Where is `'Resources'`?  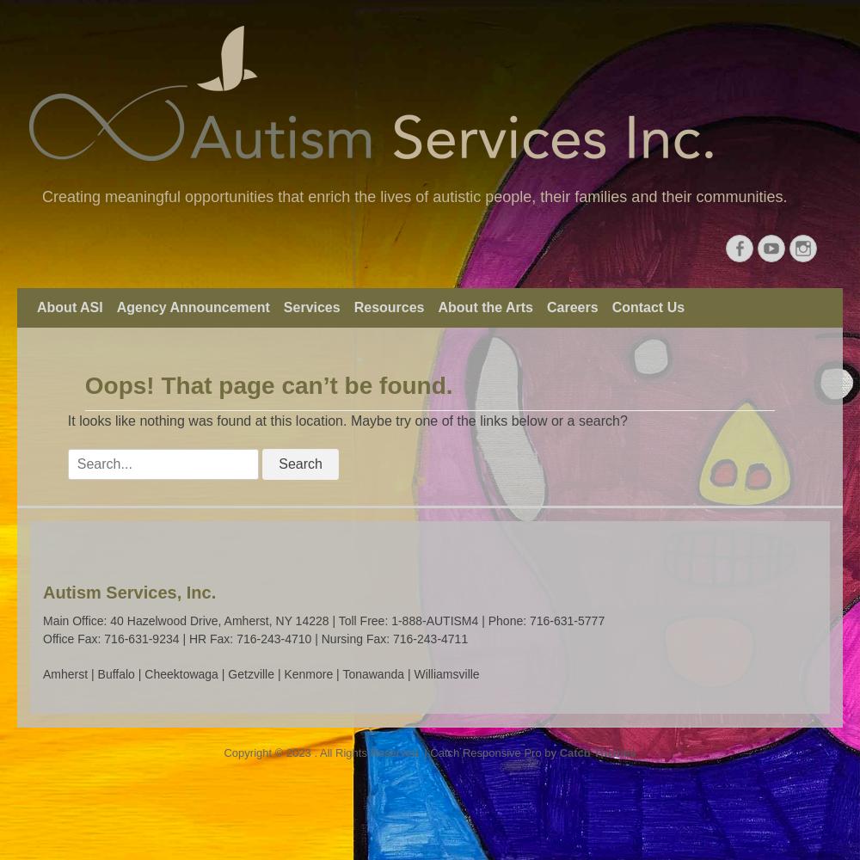 'Resources' is located at coordinates (388, 306).